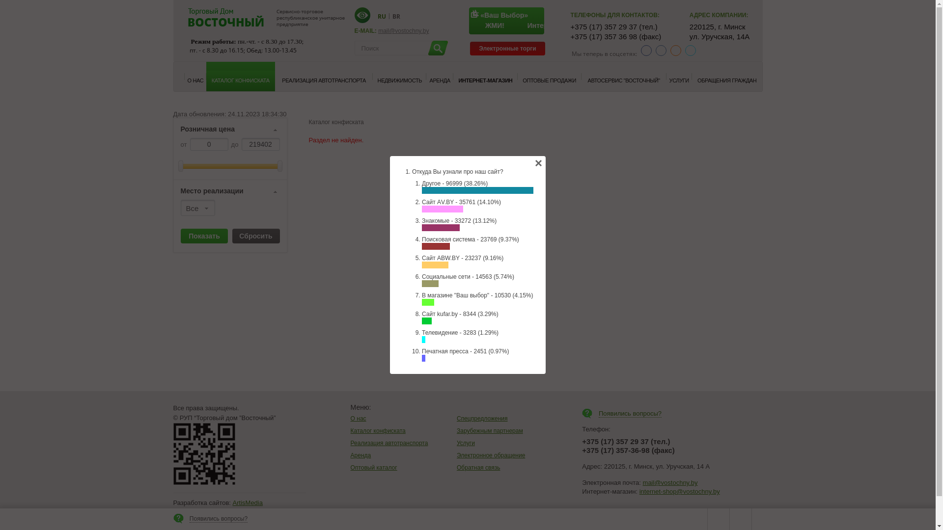 The width and height of the screenshot is (943, 530). Describe the element at coordinates (679, 491) in the screenshot. I see `'internet-shop@vostochny.by'` at that location.